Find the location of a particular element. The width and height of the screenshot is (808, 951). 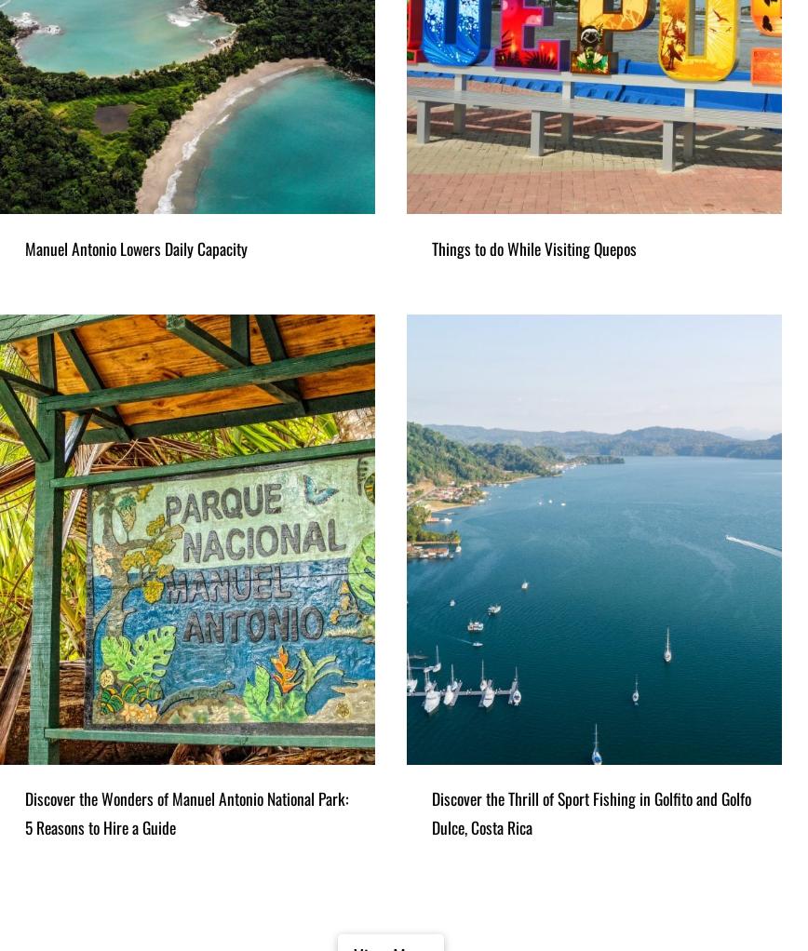

'Horseback Riding through the jungle from Manuel Antonio' is located at coordinates (132, 863).